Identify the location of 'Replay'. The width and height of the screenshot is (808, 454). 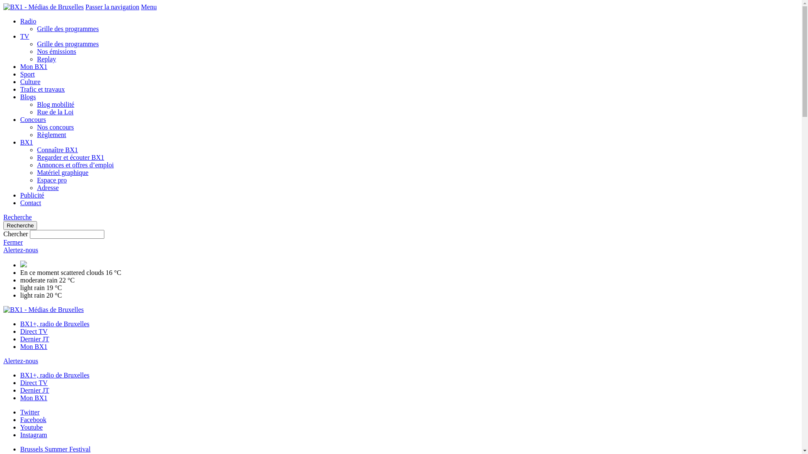
(36, 58).